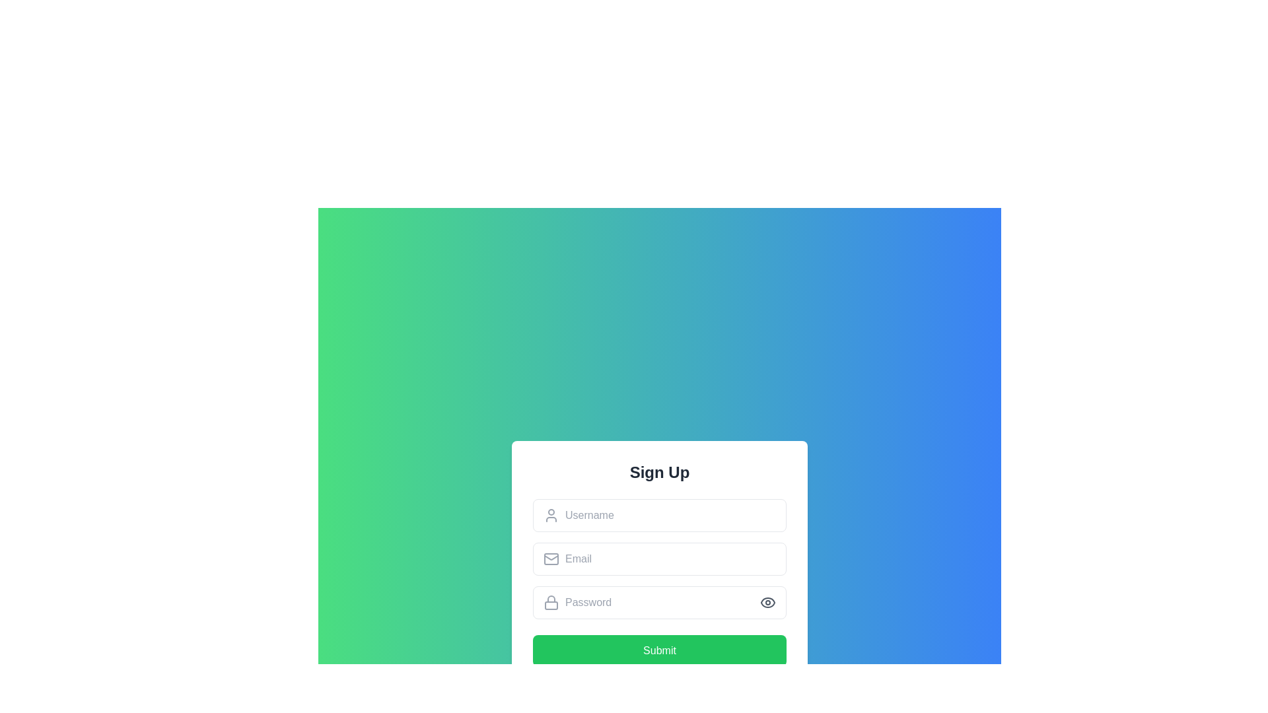 The height and width of the screenshot is (713, 1268). Describe the element at coordinates (551, 514) in the screenshot. I see `the user icon represented as a simplified outline of a person, which is positioned to the left of the 'Username' text input field in the sign-up form` at that location.